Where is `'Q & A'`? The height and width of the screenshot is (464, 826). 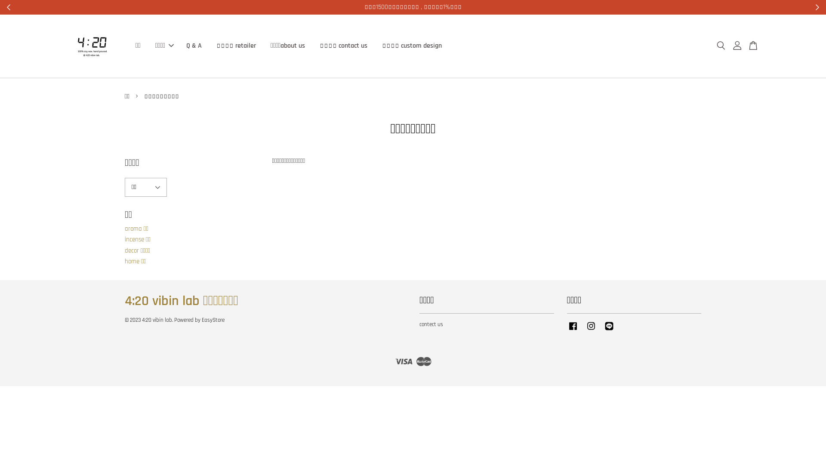 'Q & A' is located at coordinates (194, 46).